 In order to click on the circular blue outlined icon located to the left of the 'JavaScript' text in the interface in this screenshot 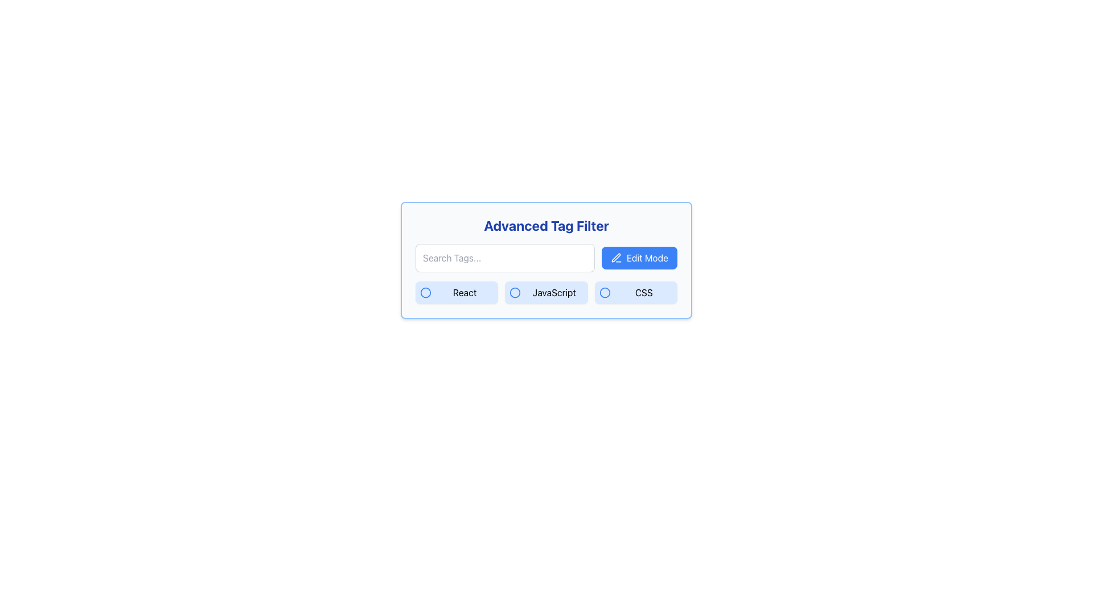, I will do `click(515, 292)`.